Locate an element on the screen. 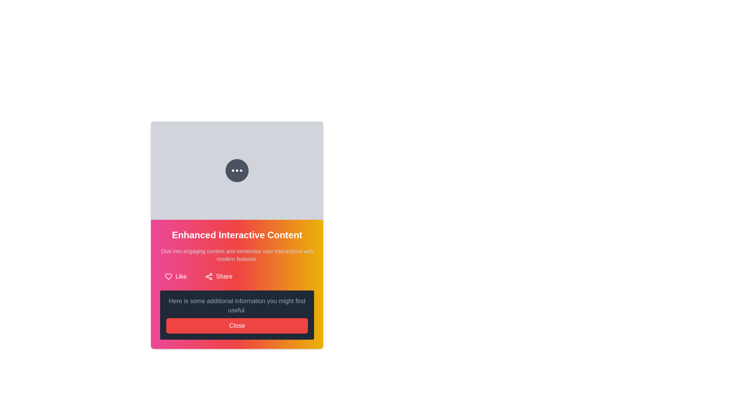  the 'Like' button, which features a heart-shaped icon and a white outline is located at coordinates (175, 277).